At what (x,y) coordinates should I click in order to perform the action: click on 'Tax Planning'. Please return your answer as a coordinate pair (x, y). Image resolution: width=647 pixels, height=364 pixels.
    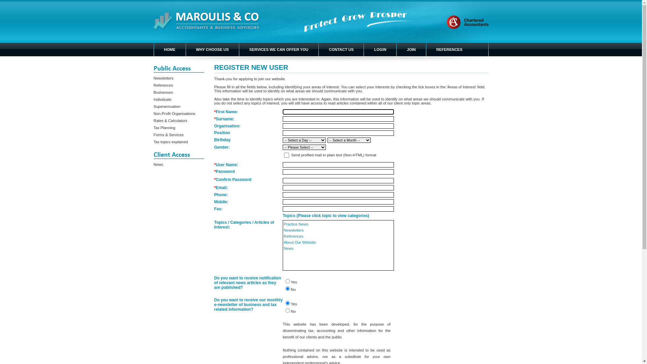
    Looking at the image, I should click on (164, 127).